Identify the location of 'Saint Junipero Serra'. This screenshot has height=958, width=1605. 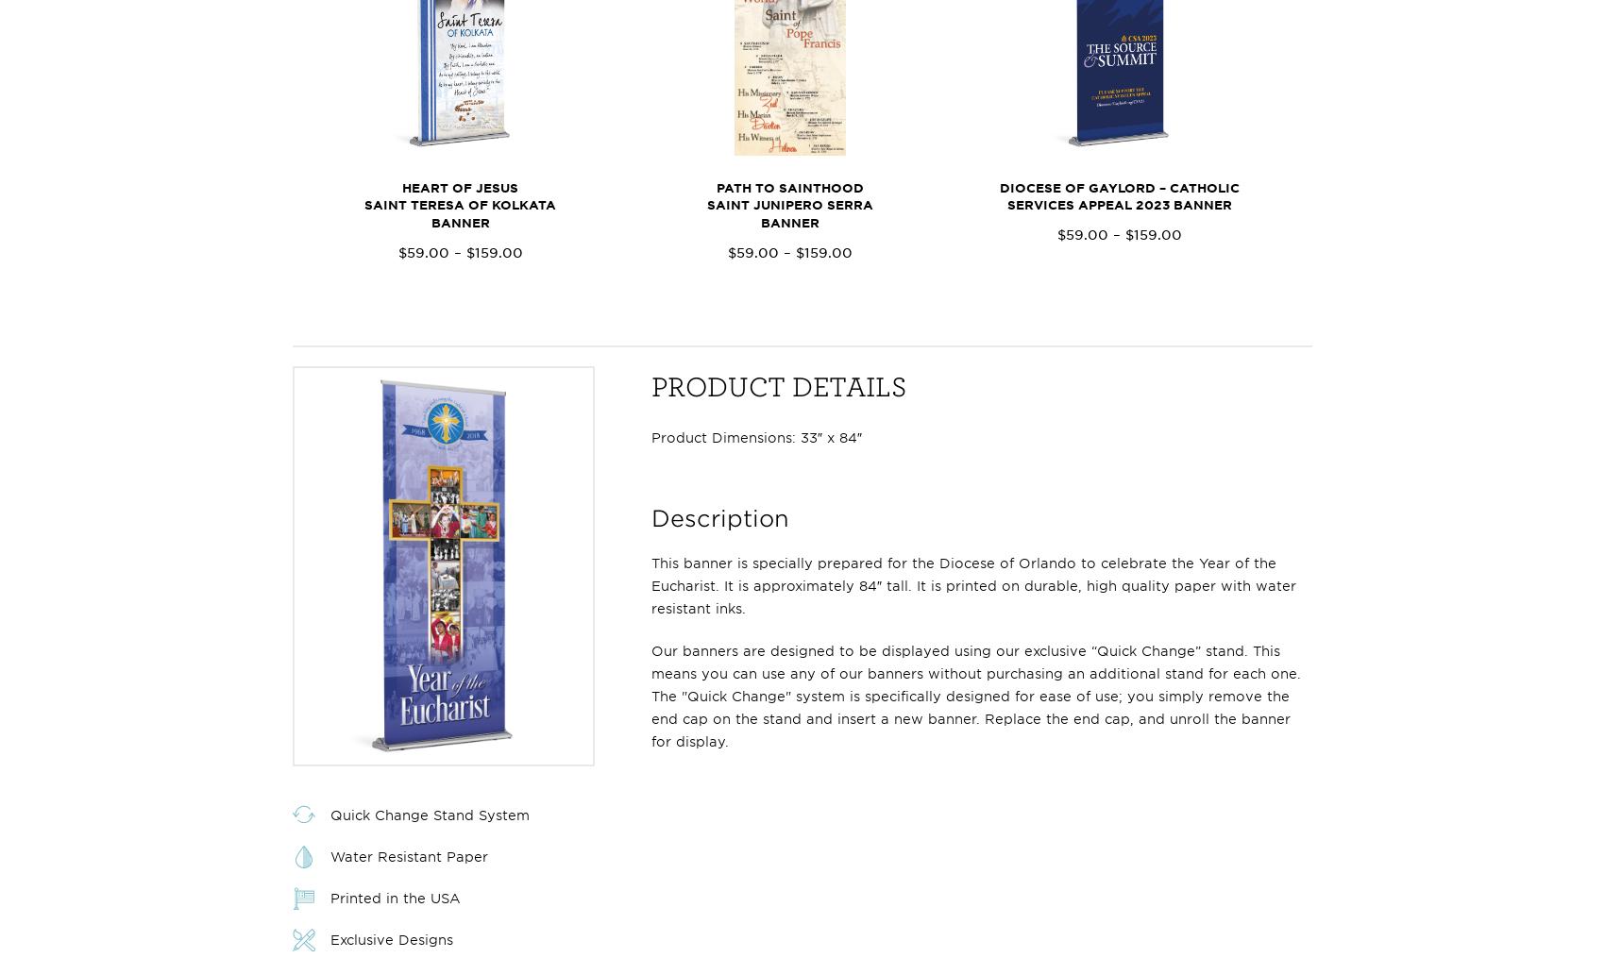
(705, 204).